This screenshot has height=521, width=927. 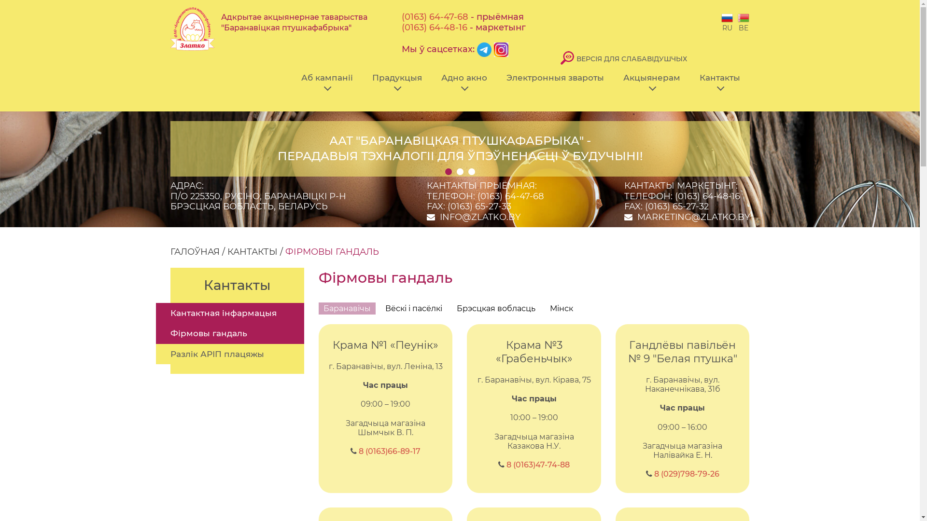 What do you see at coordinates (509, 196) in the screenshot?
I see `'(0163) 64-47-68'` at bounding box center [509, 196].